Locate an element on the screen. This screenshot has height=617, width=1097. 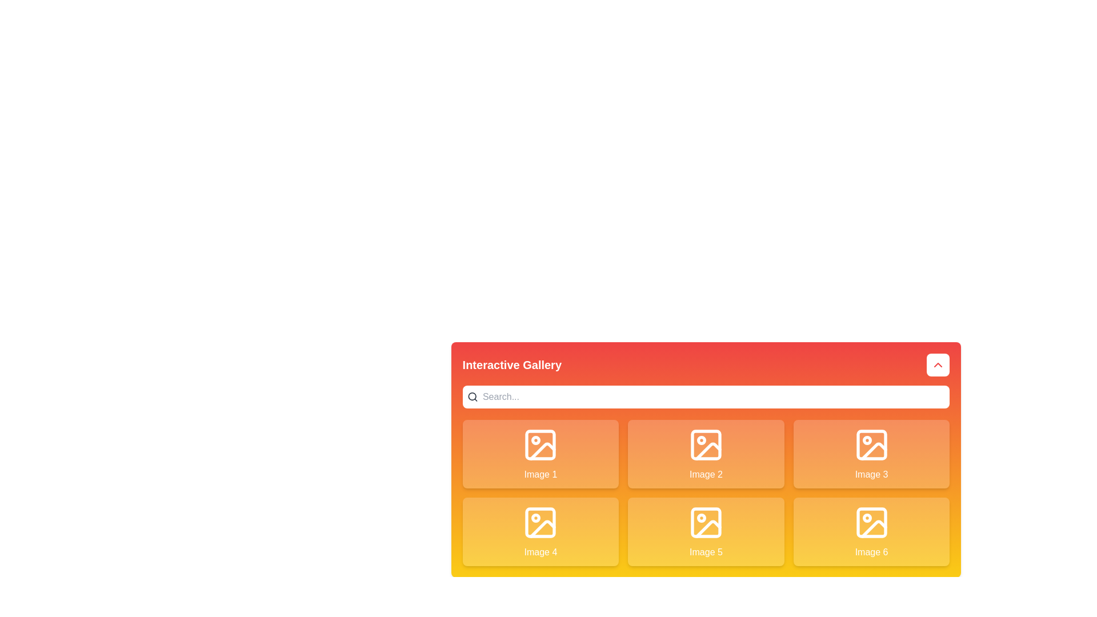
the SVG icon styled as an image placeholder, which has a square outline with rounded corners and is located within the grid item labeled 'Image 1' is located at coordinates (540, 444).